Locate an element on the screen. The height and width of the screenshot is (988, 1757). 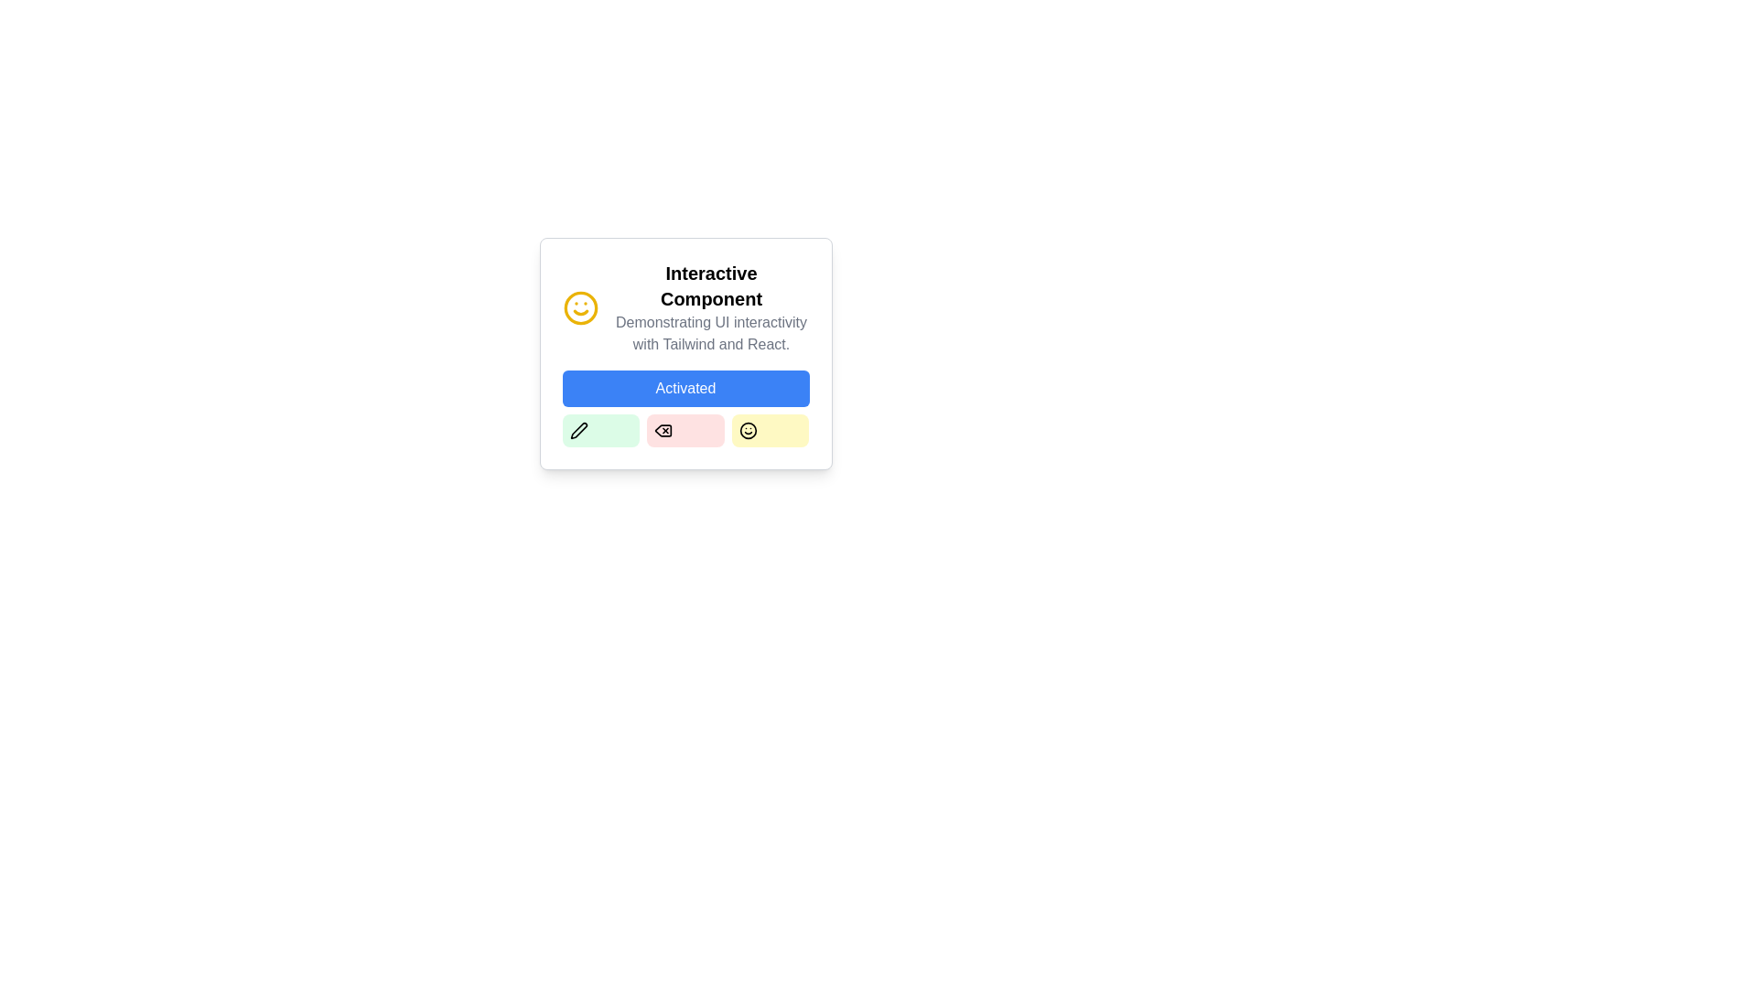
on the 'Interactive Component' text display element with a yellow smiley icon is located at coordinates (684, 306).